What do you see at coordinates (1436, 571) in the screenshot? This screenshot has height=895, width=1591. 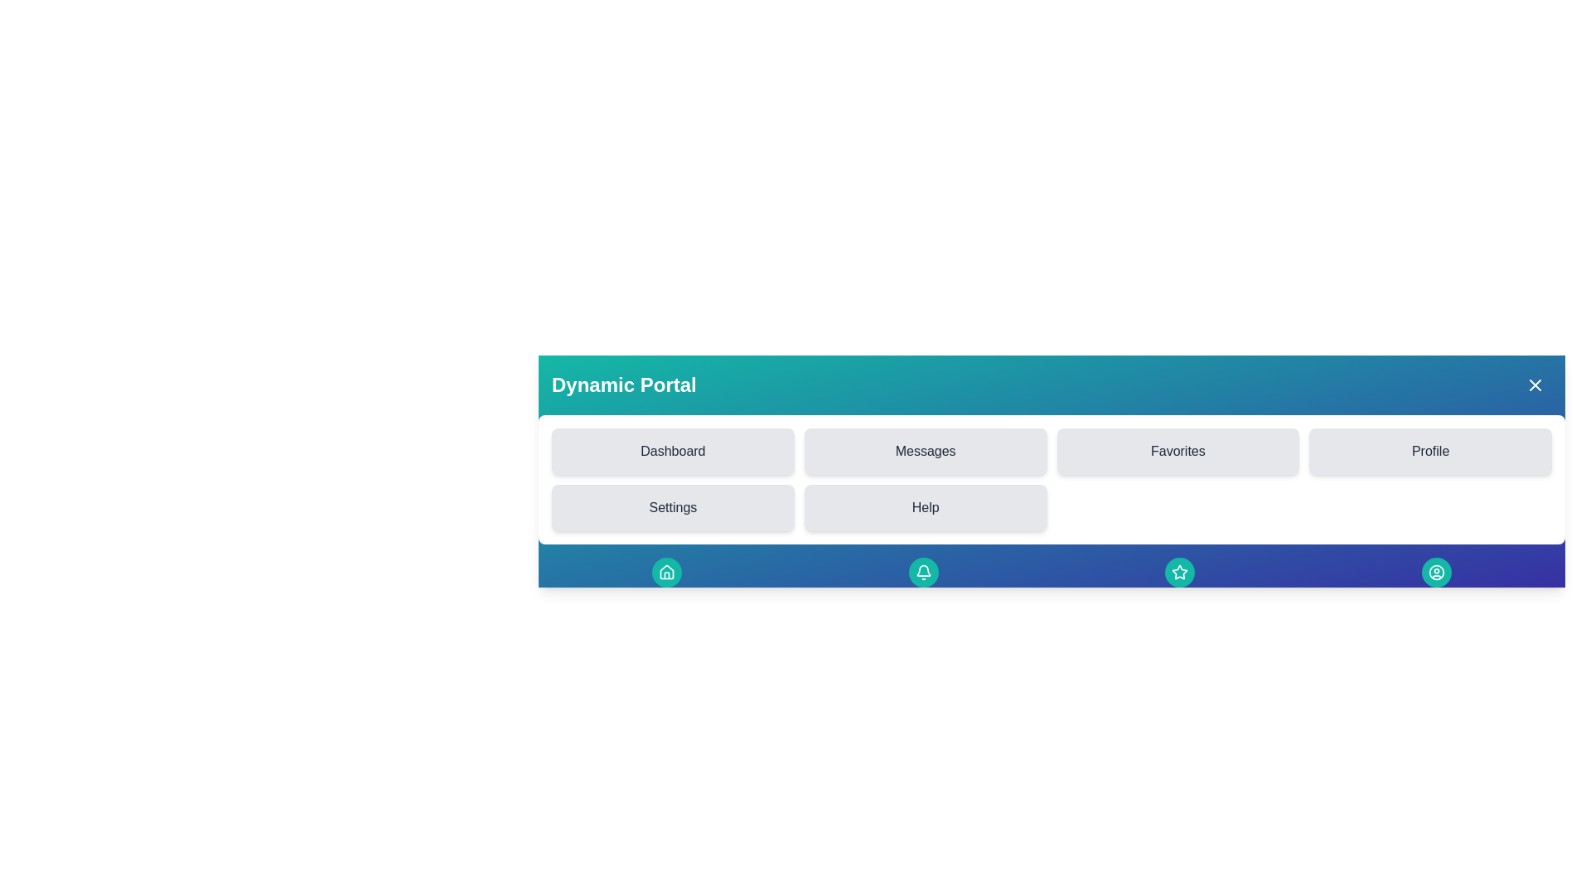 I see `the Profile button in the footer` at bounding box center [1436, 571].